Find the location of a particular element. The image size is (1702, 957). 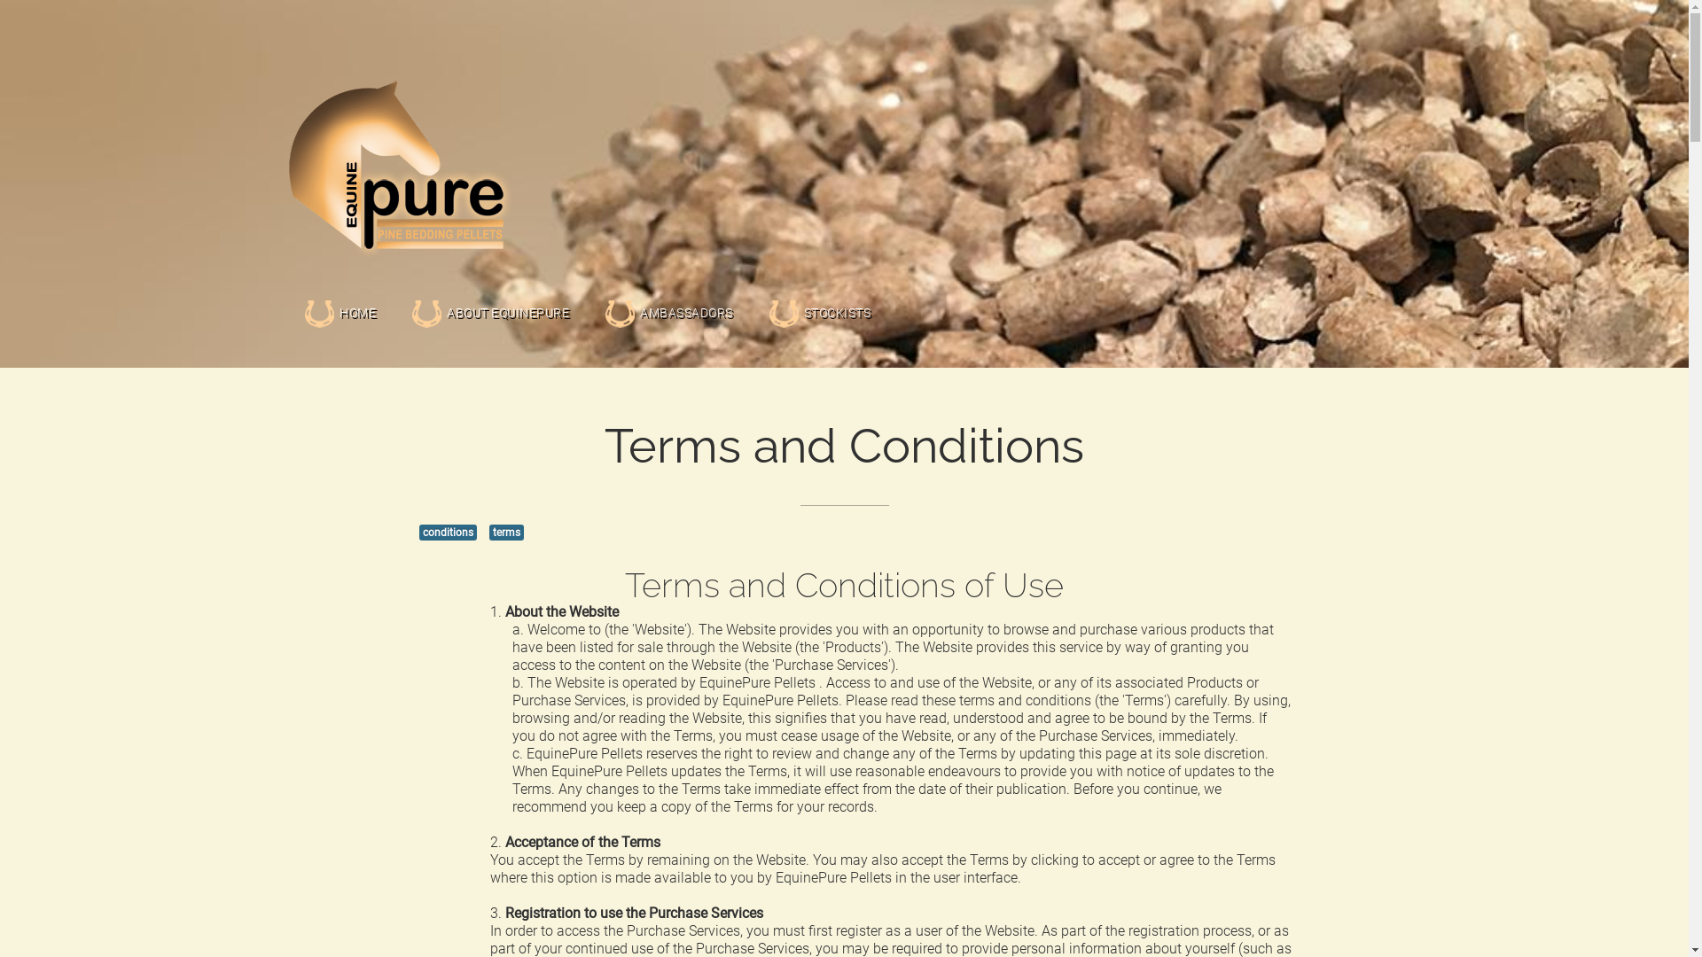

'STOCKISTS' is located at coordinates (767, 291).